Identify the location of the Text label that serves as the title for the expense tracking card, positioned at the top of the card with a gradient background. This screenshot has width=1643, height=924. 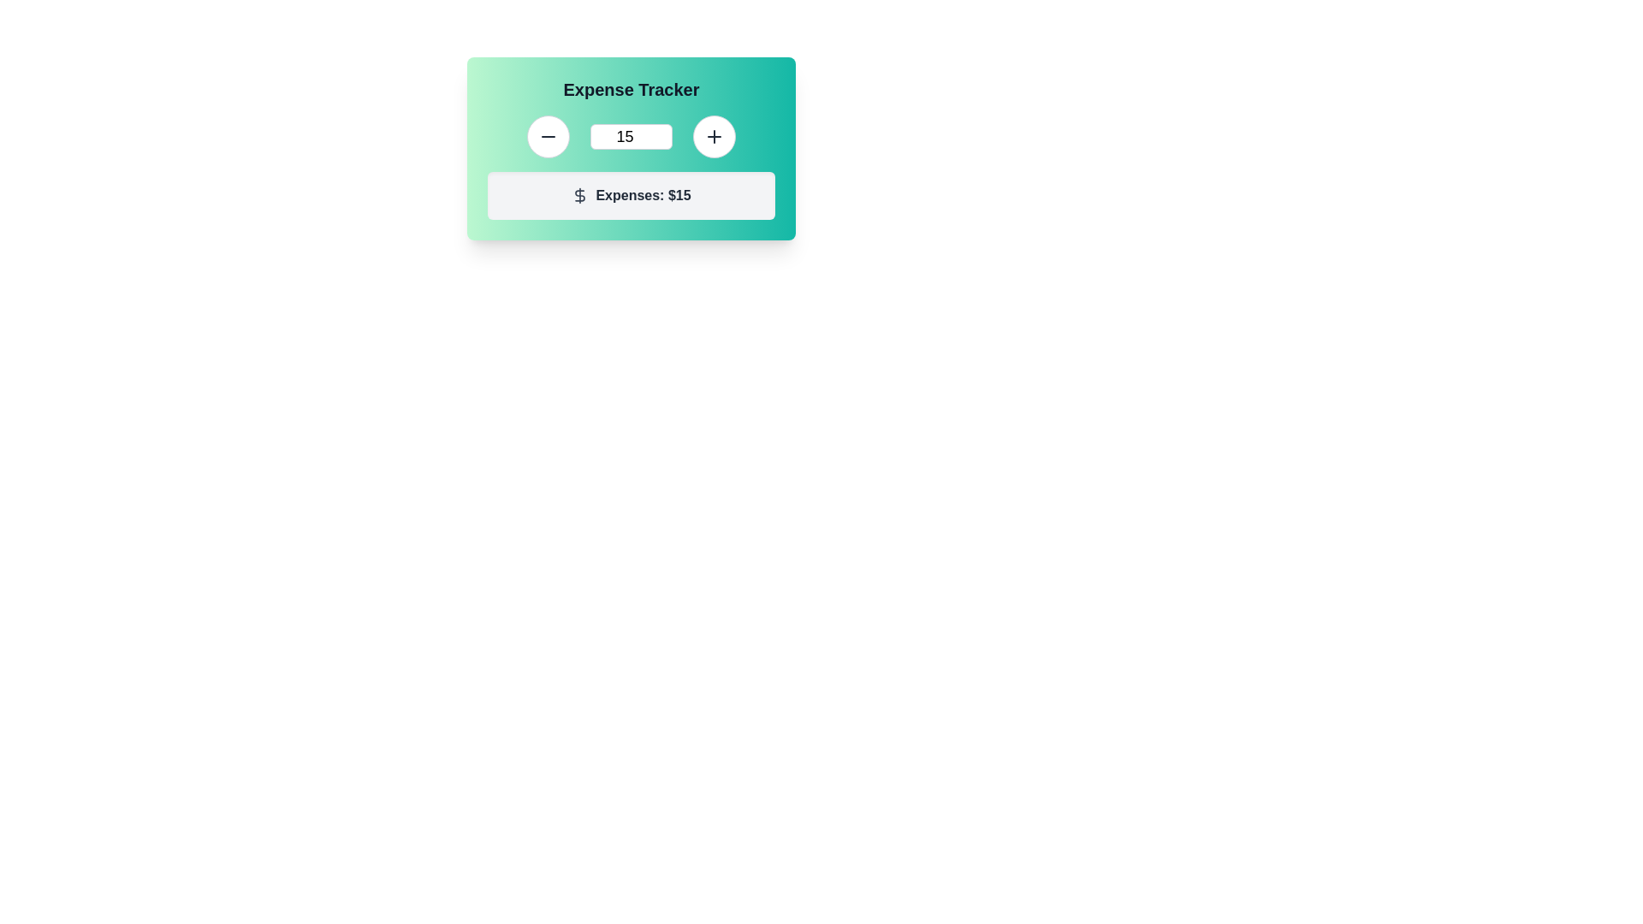
(631, 89).